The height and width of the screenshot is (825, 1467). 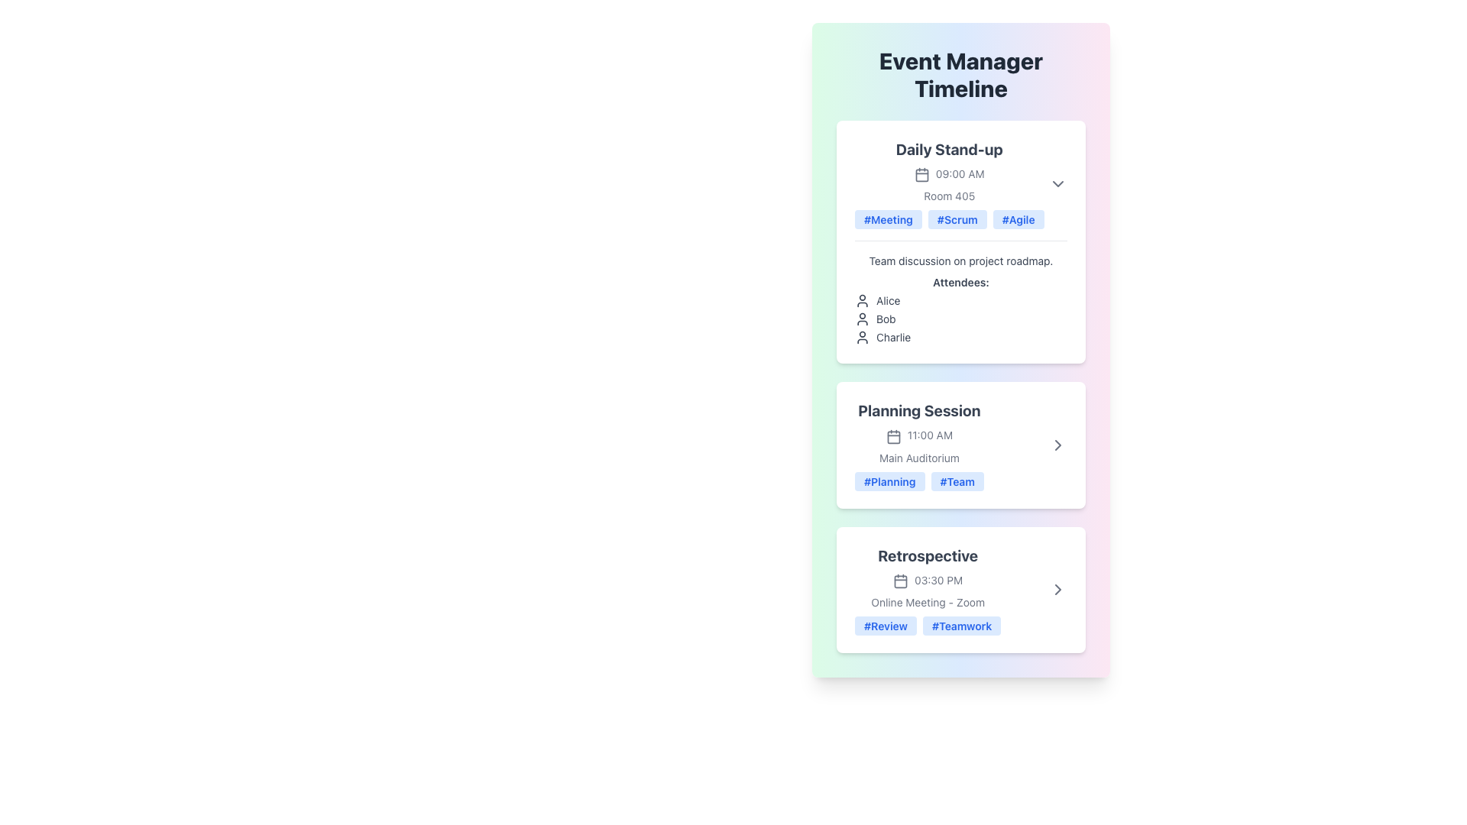 I want to click on 'Daily Stand-up' card, which is the topmost session in the 'Event Manager Timeline', to view its details, so click(x=960, y=241).